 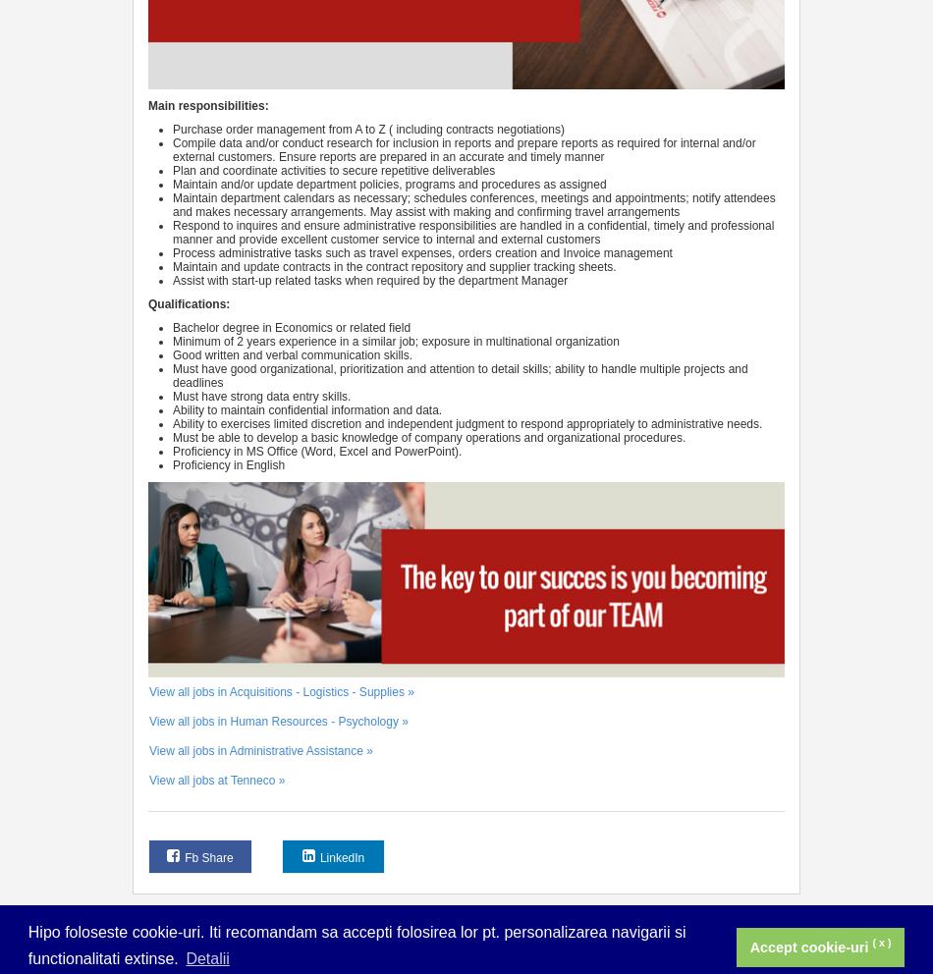 What do you see at coordinates (260, 395) in the screenshot?
I see `'Must have strong data entry skills.'` at bounding box center [260, 395].